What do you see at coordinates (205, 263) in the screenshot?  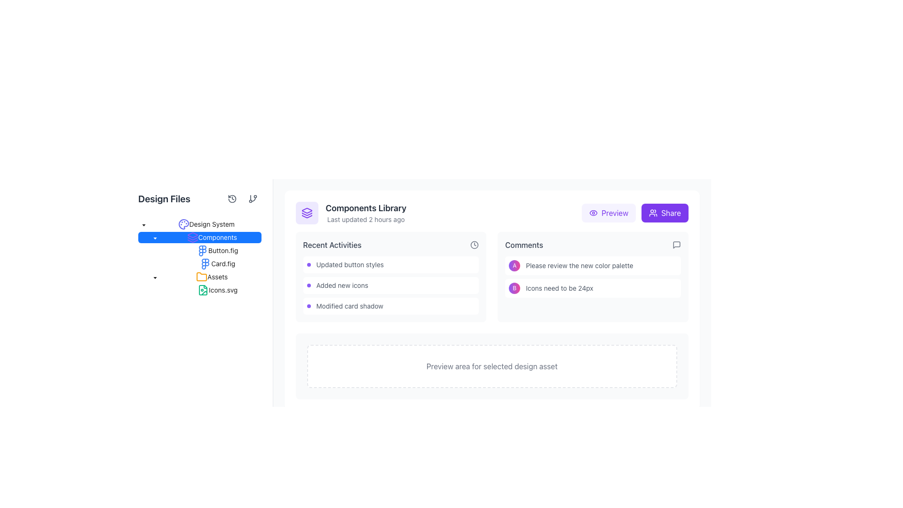 I see `the blue Figma-like icon in the fourth position of the Components list under the 'Card.fig' node` at bounding box center [205, 263].